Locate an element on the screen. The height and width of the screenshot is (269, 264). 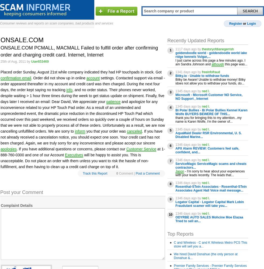
'confirmation email' is located at coordinates (16, 78).